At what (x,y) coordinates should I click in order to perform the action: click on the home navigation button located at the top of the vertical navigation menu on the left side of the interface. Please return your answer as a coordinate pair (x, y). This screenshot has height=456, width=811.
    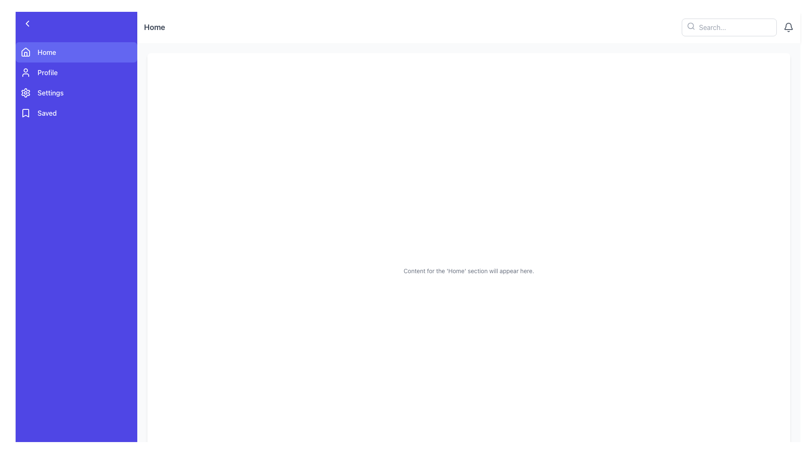
    Looking at the image, I should click on (76, 52).